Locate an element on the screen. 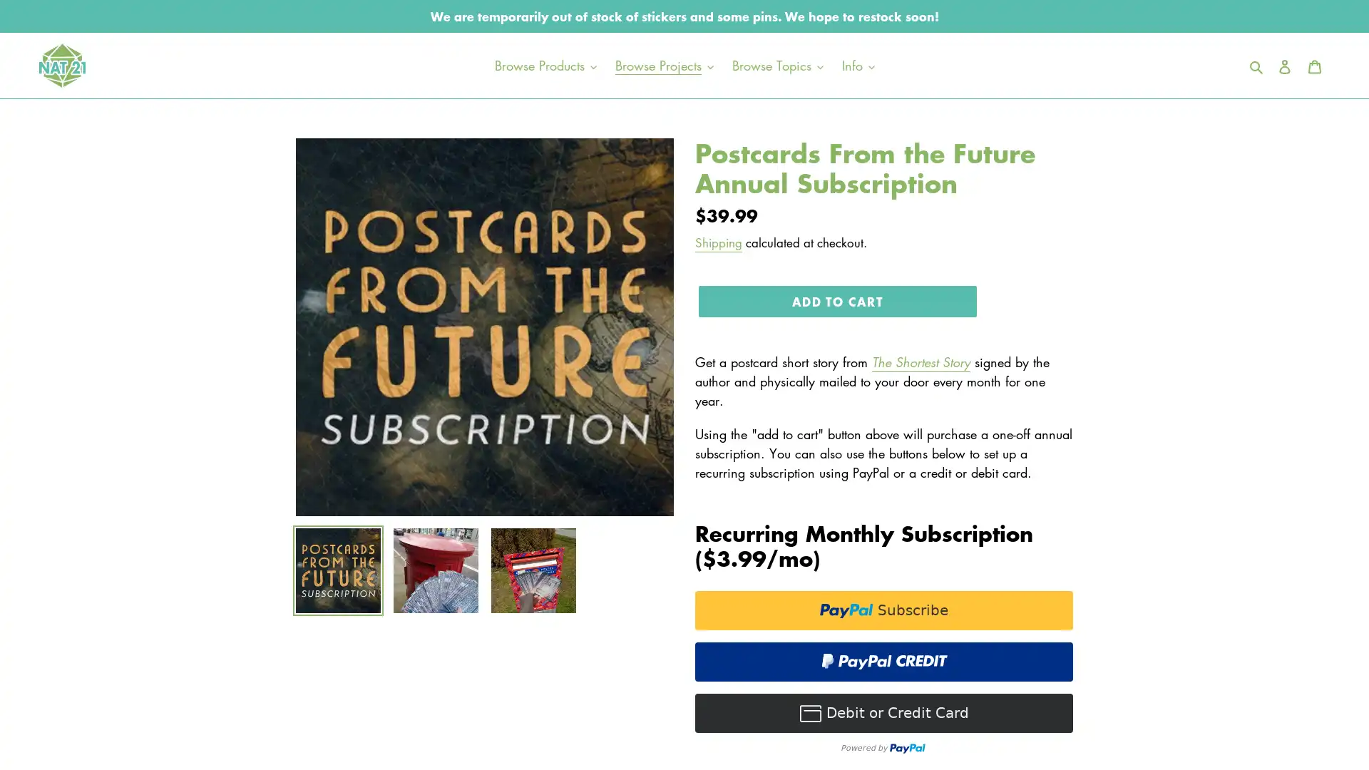  Search is located at coordinates (1257, 65).